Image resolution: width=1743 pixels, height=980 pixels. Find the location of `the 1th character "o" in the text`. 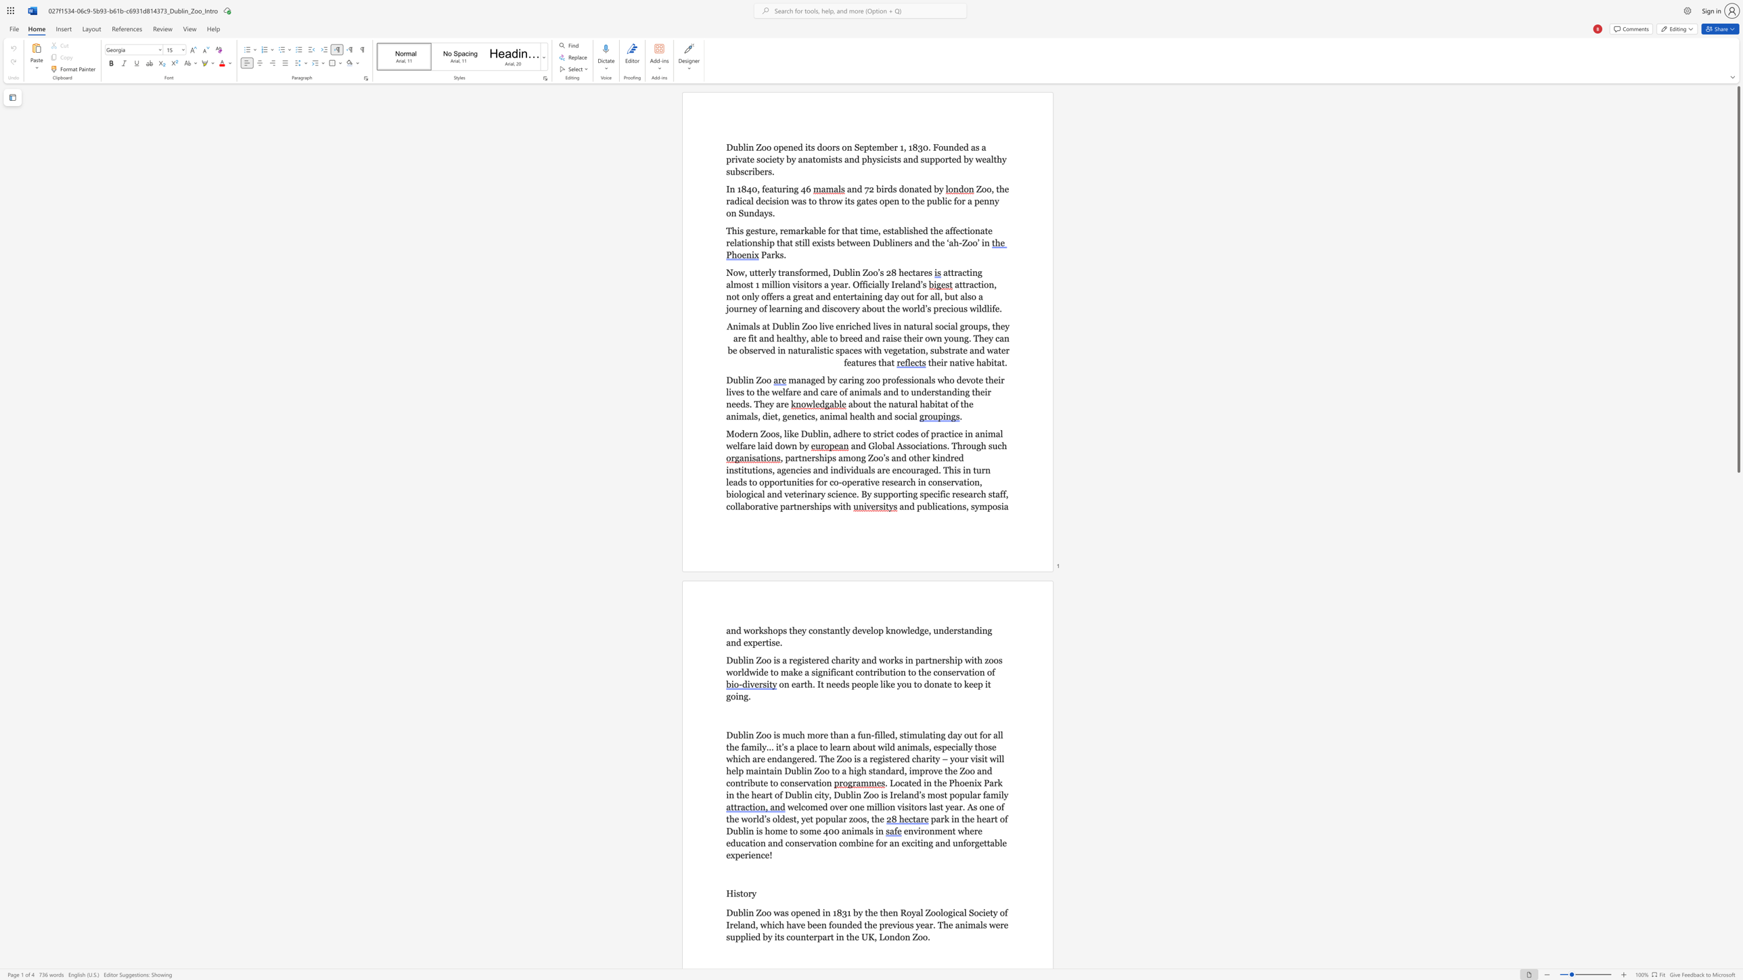

the 1th character "o" in the text is located at coordinates (752, 630).